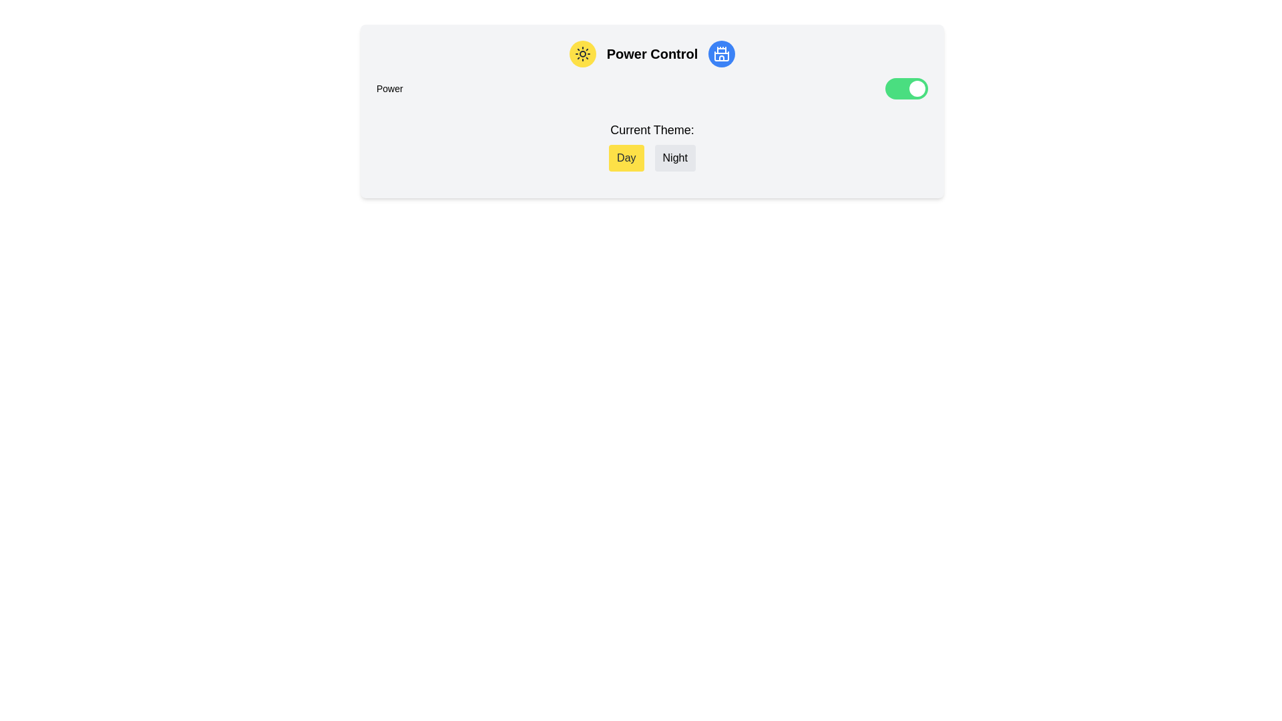  What do you see at coordinates (582, 53) in the screenshot?
I see `the 'Day Mode' icon located towards the top left of the header bar, positioned left of the 'Power Control' label and above the 'Power' text` at bounding box center [582, 53].